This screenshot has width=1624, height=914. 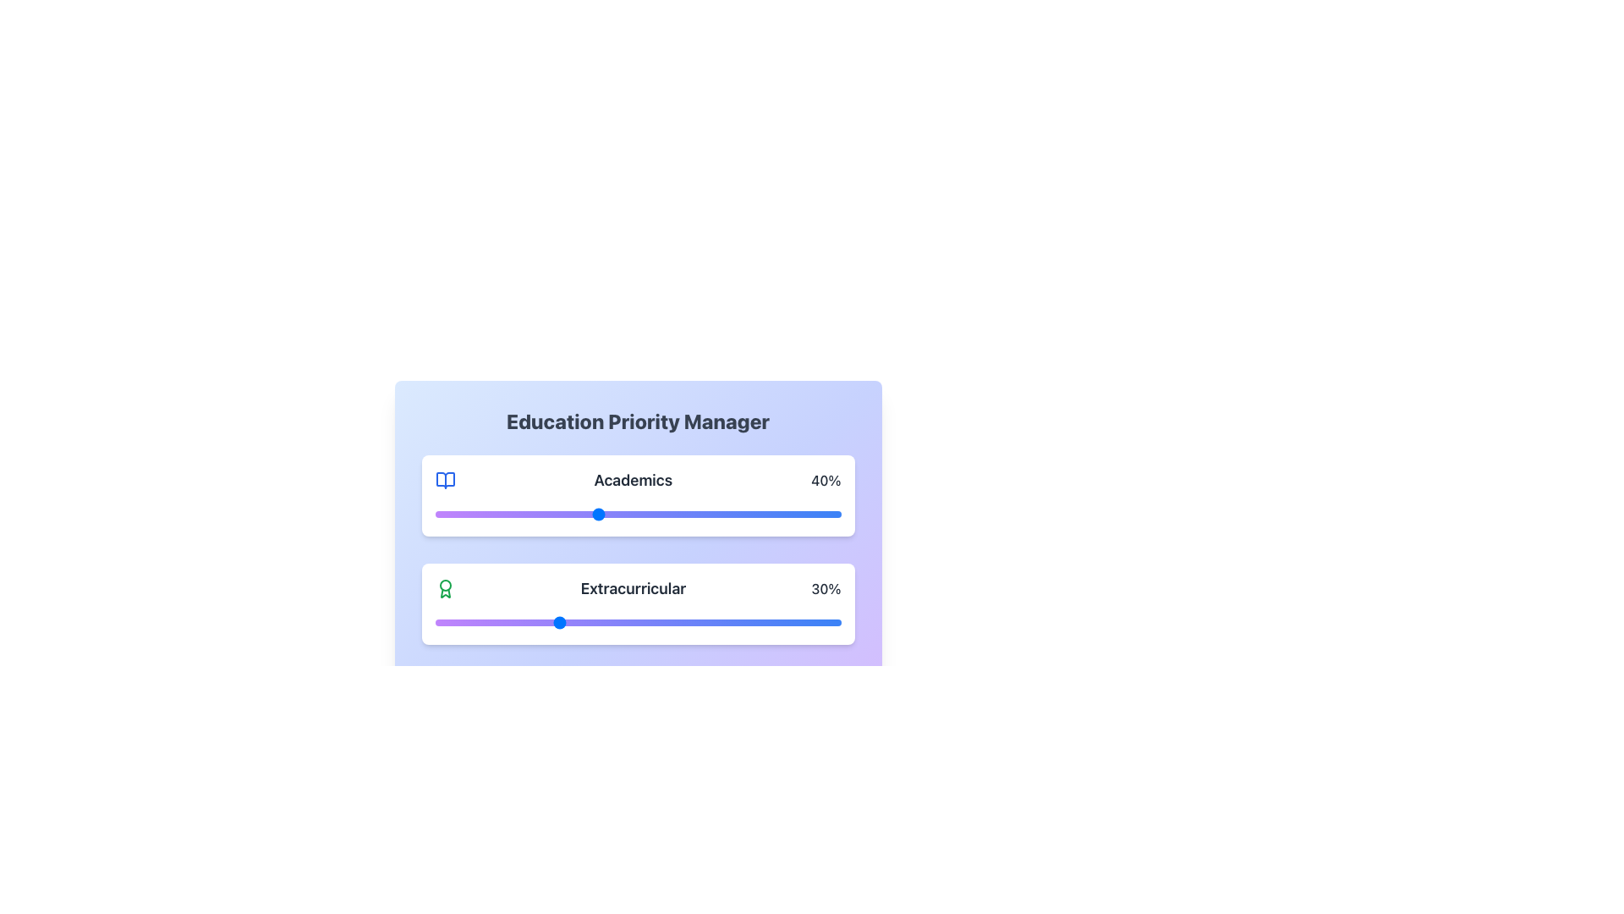 What do you see at coordinates (687, 514) in the screenshot?
I see `the slider value` at bounding box center [687, 514].